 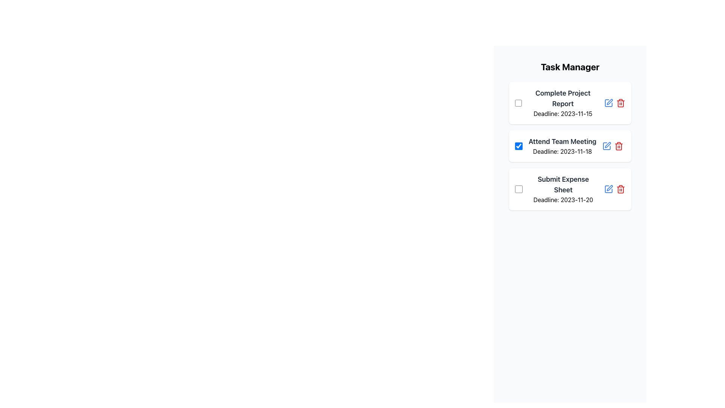 What do you see at coordinates (563, 113) in the screenshot?
I see `the text label displaying 'Deadline: 2023-11-15' located at the bottom-left section of the task card for 'Complete Project Report'` at bounding box center [563, 113].